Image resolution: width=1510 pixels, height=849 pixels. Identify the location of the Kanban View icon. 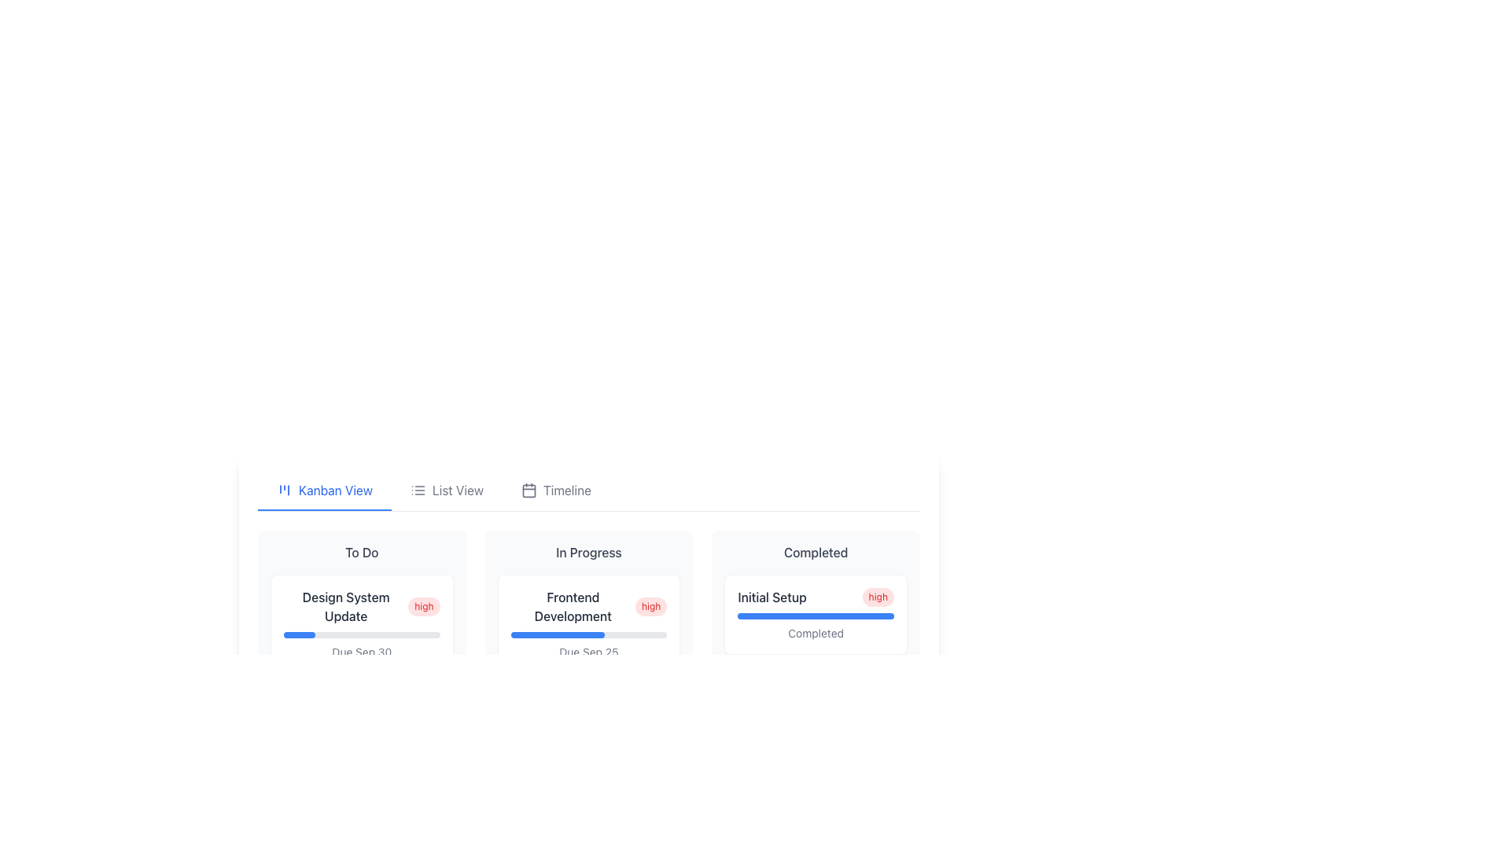
(284, 490).